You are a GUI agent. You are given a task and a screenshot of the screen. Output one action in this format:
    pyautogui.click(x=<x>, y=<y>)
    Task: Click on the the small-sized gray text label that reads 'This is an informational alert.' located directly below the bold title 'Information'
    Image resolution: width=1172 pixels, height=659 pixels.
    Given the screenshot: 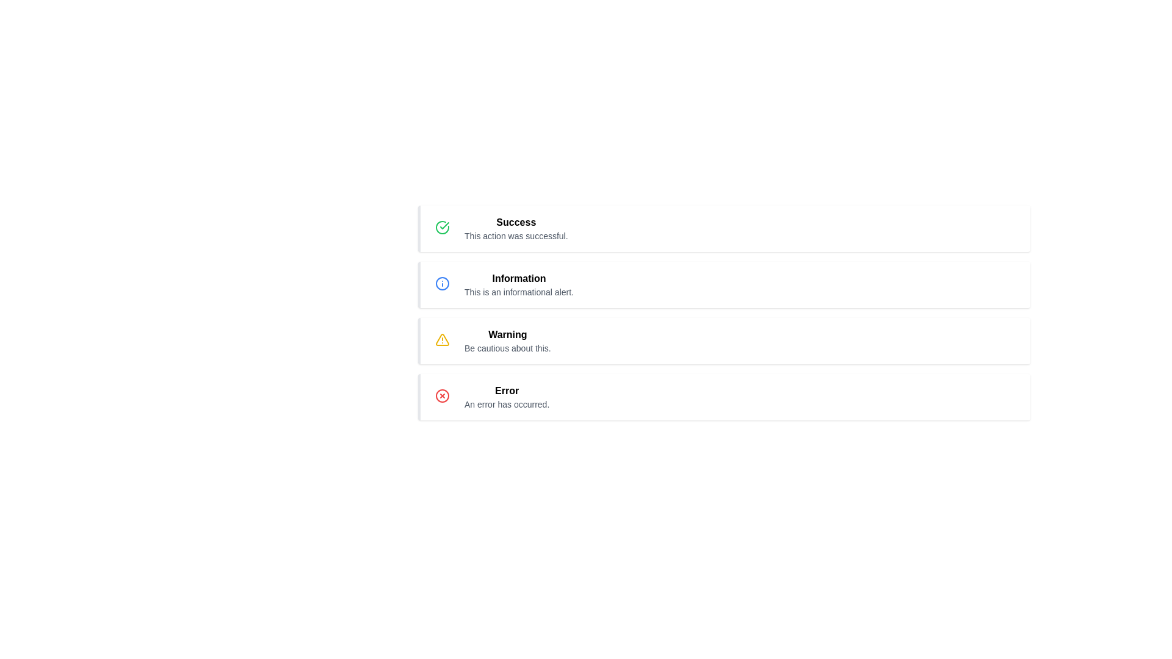 What is the action you would take?
    pyautogui.click(x=519, y=292)
    